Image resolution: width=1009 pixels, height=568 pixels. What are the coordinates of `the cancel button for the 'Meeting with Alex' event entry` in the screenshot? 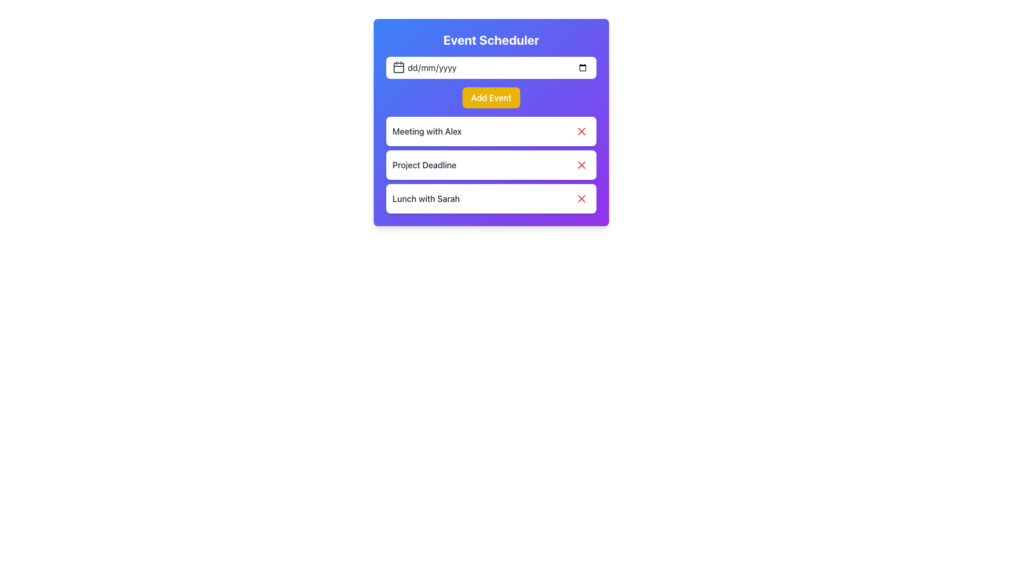 It's located at (581, 131).